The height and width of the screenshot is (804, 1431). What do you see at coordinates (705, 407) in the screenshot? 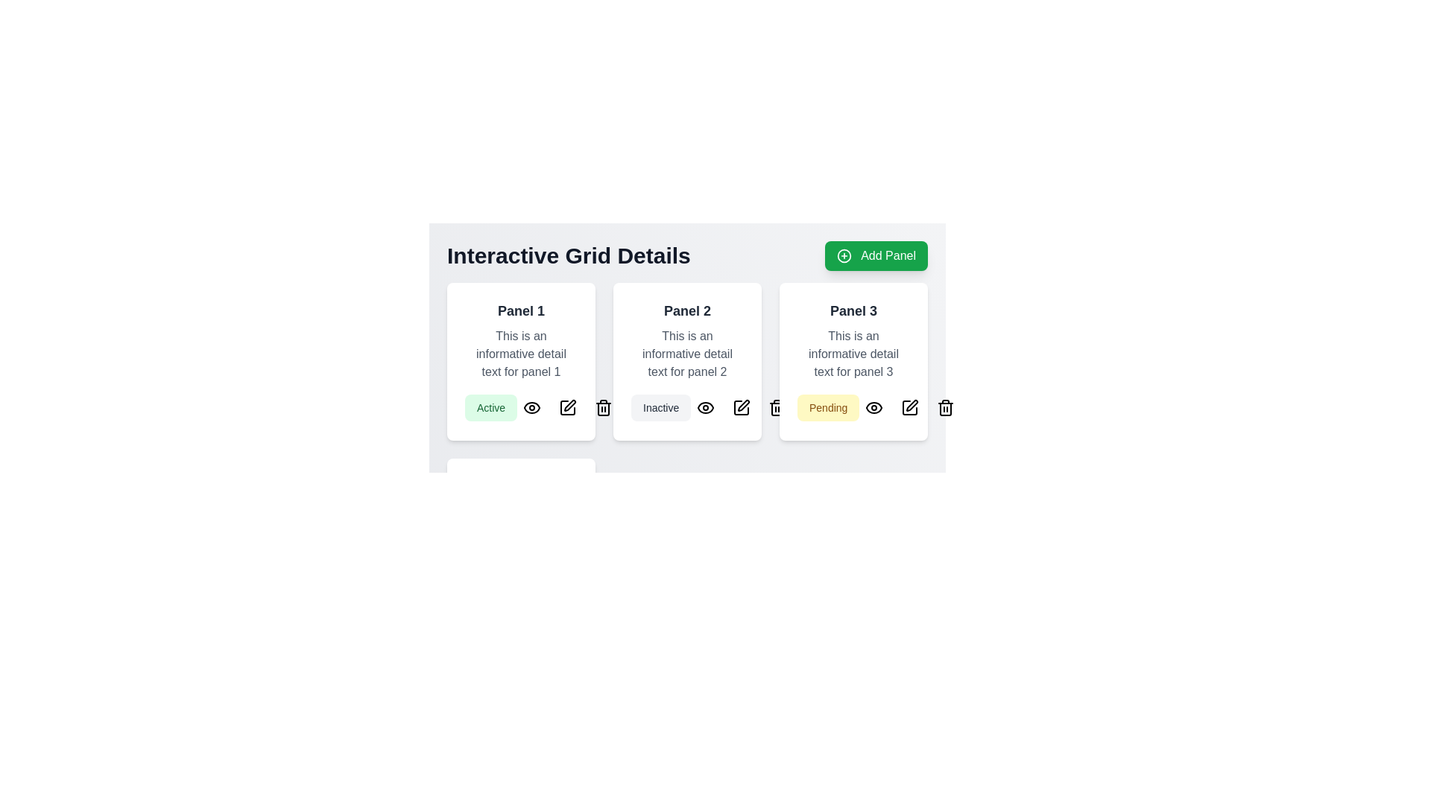
I see `the interactive icon button located in 'Panel 2'` at bounding box center [705, 407].